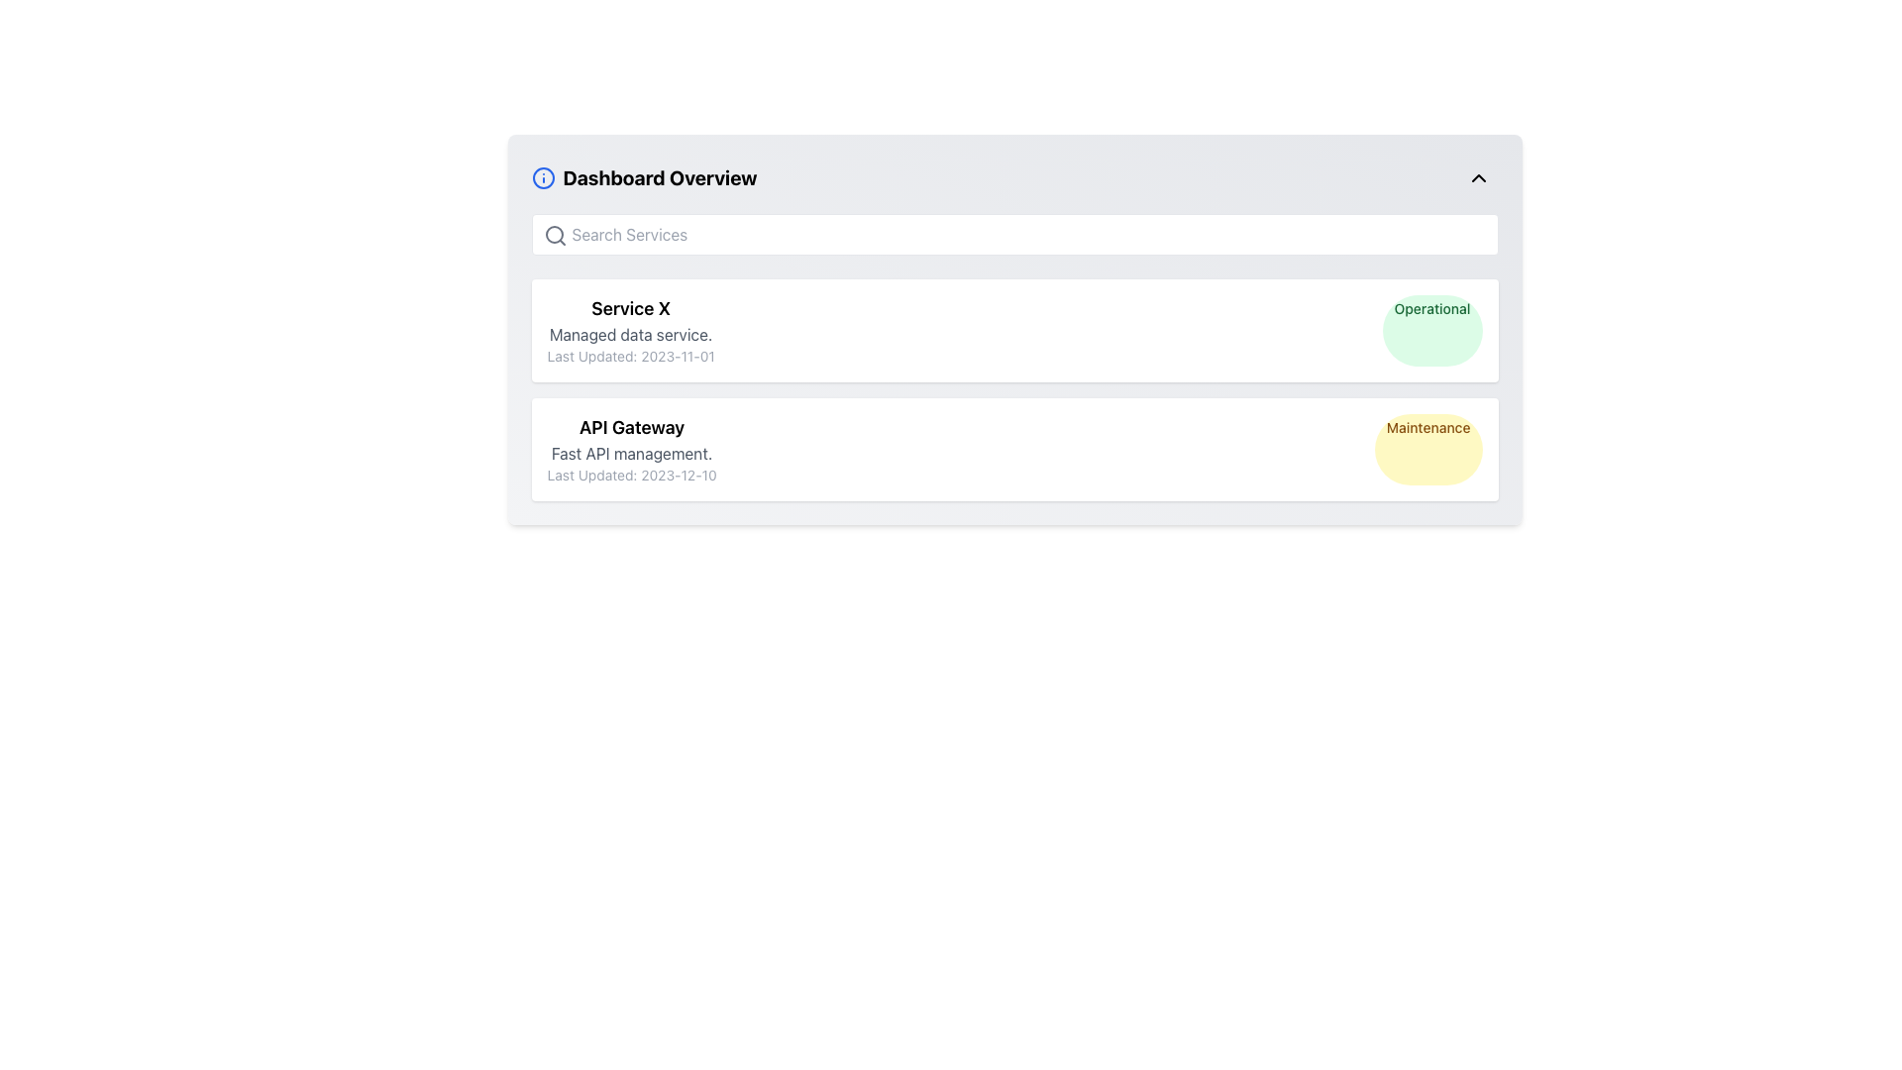 The width and height of the screenshot is (1902, 1070). What do you see at coordinates (1478, 178) in the screenshot?
I see `the rectangular button with a minimalist upward arrow icon located in the top-right corner of the 'Dashboard Overview' section` at bounding box center [1478, 178].